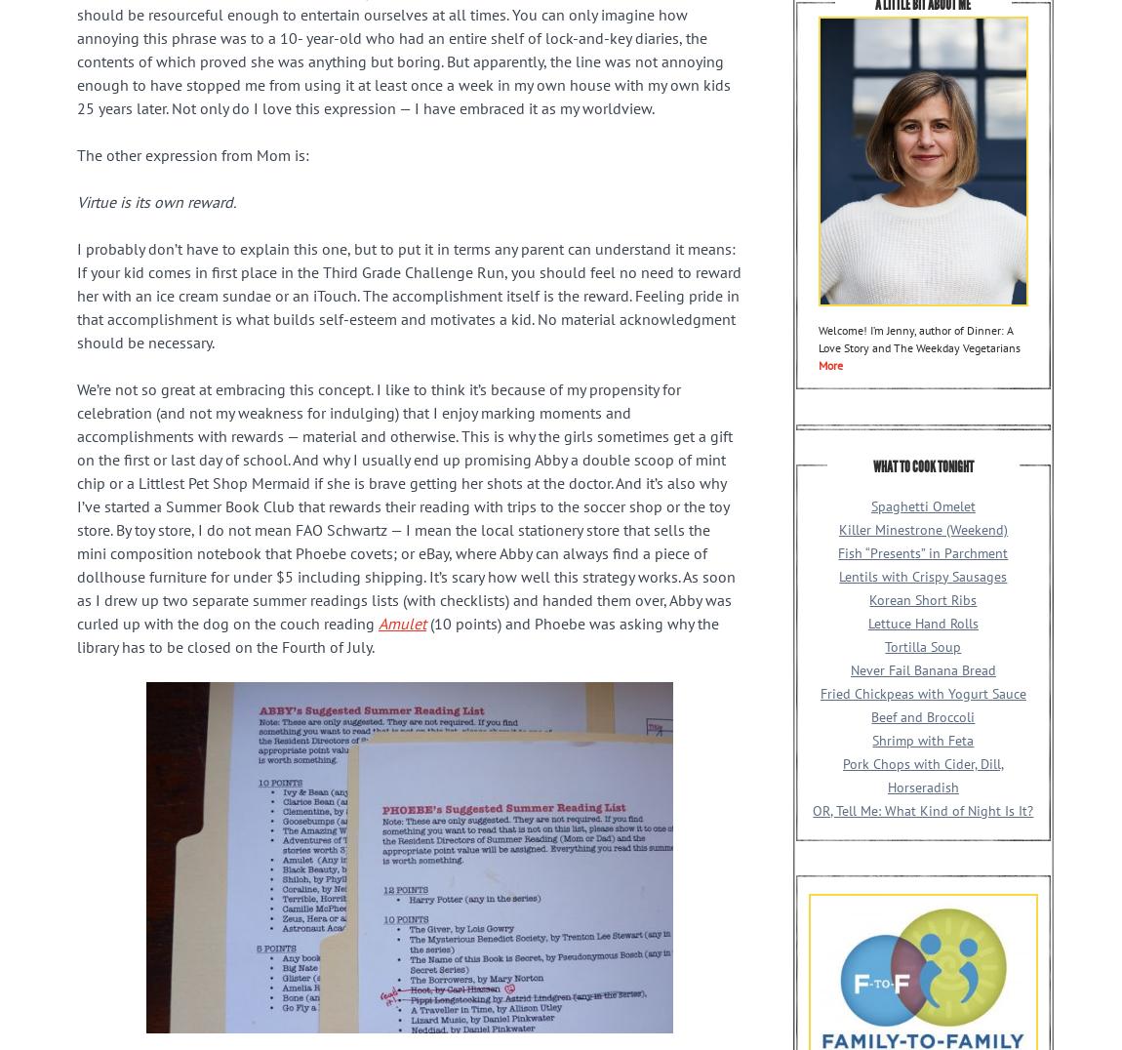  I want to click on 'Beef and Broccoli', so click(922, 715).